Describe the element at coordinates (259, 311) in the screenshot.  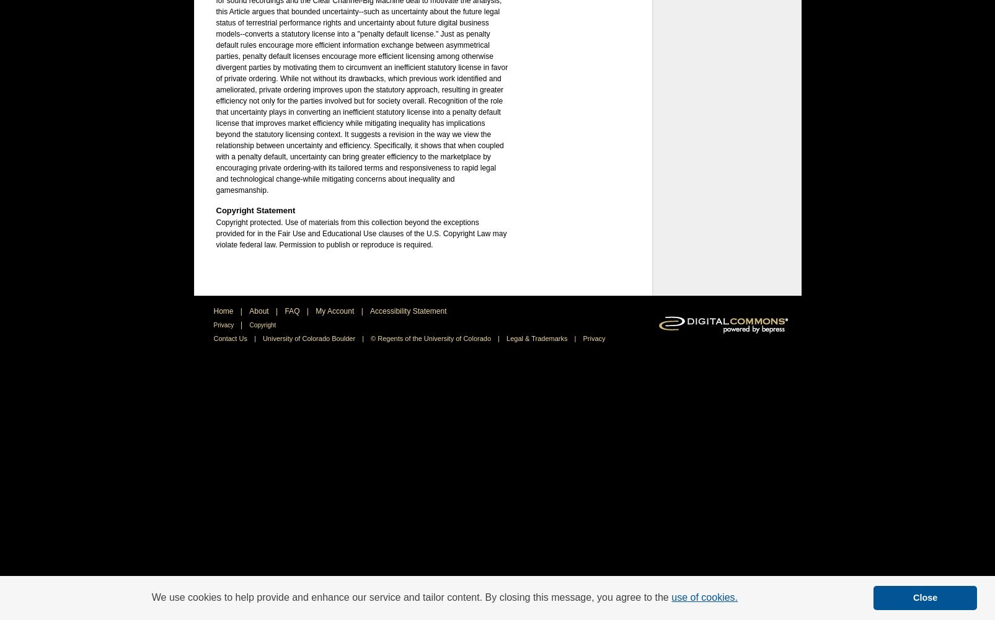
I see `'About'` at that location.